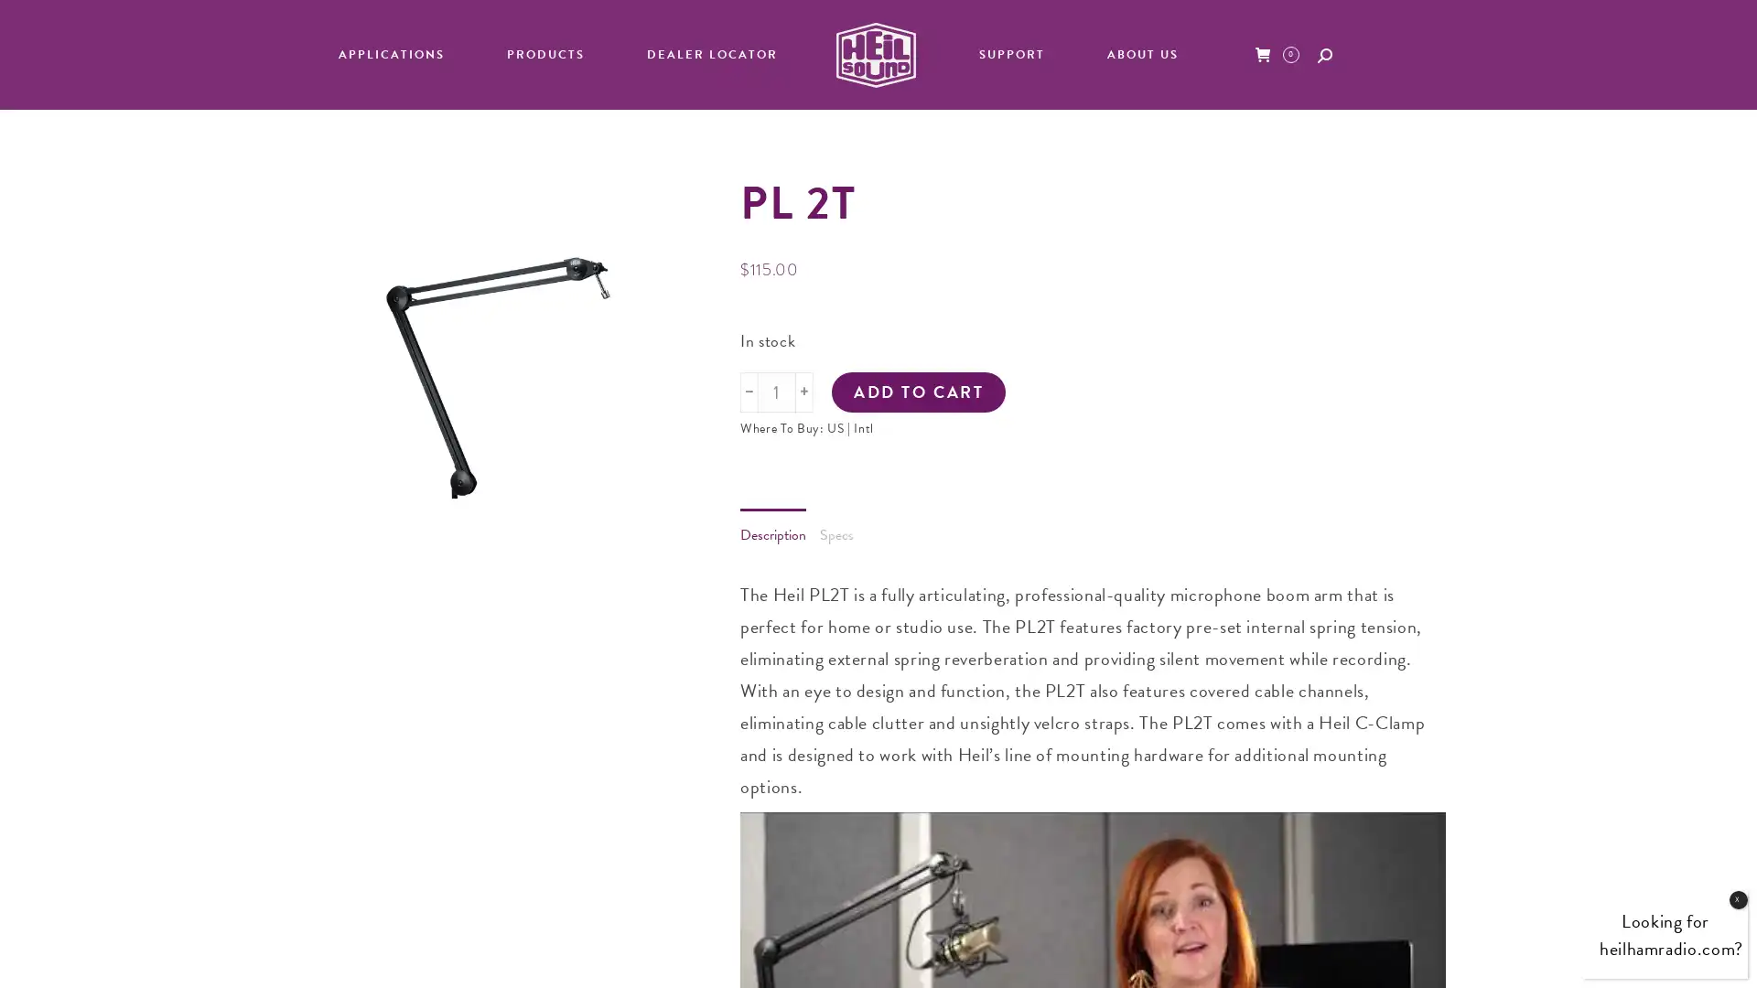  I want to click on ADD TO CART, so click(918, 391).